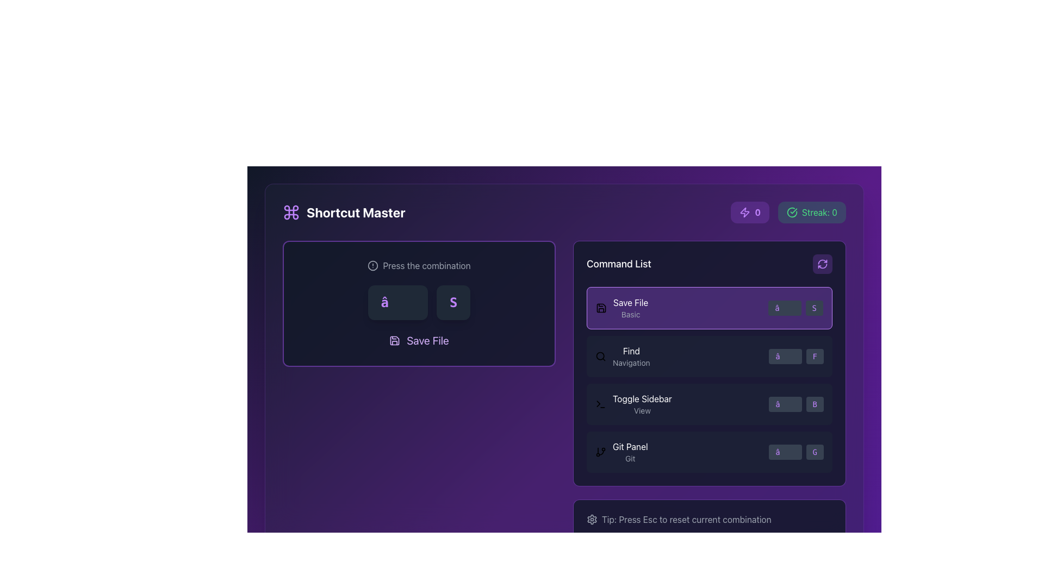  What do you see at coordinates (631, 356) in the screenshot?
I see `the 'Find' text element in the 'Command List' section, which is the second item in the list` at bounding box center [631, 356].